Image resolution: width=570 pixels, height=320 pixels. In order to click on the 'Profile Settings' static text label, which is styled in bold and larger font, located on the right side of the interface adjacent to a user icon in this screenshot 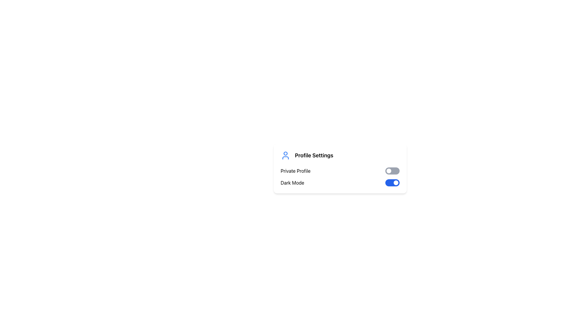, I will do `click(314, 155)`.